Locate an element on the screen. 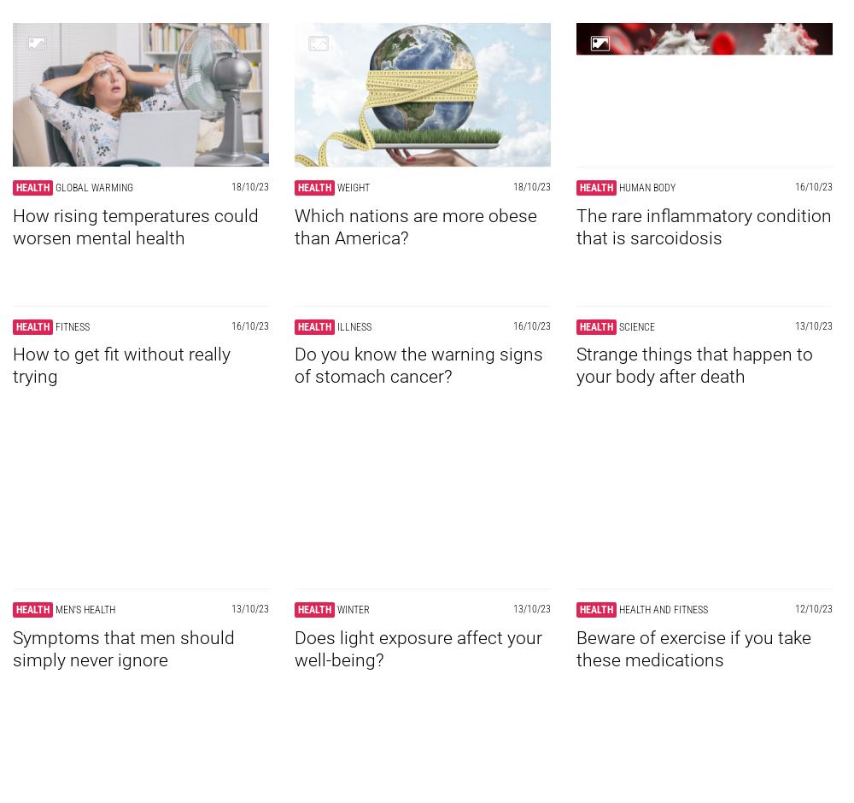 Image resolution: width=854 pixels, height=803 pixels. 'Weight' is located at coordinates (354, 186).